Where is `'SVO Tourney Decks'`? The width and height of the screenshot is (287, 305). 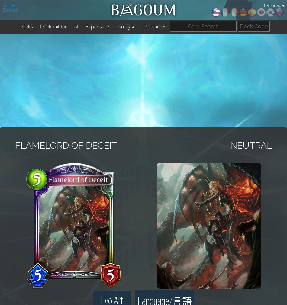 'SVO Tourney Decks' is located at coordinates (42, 40).